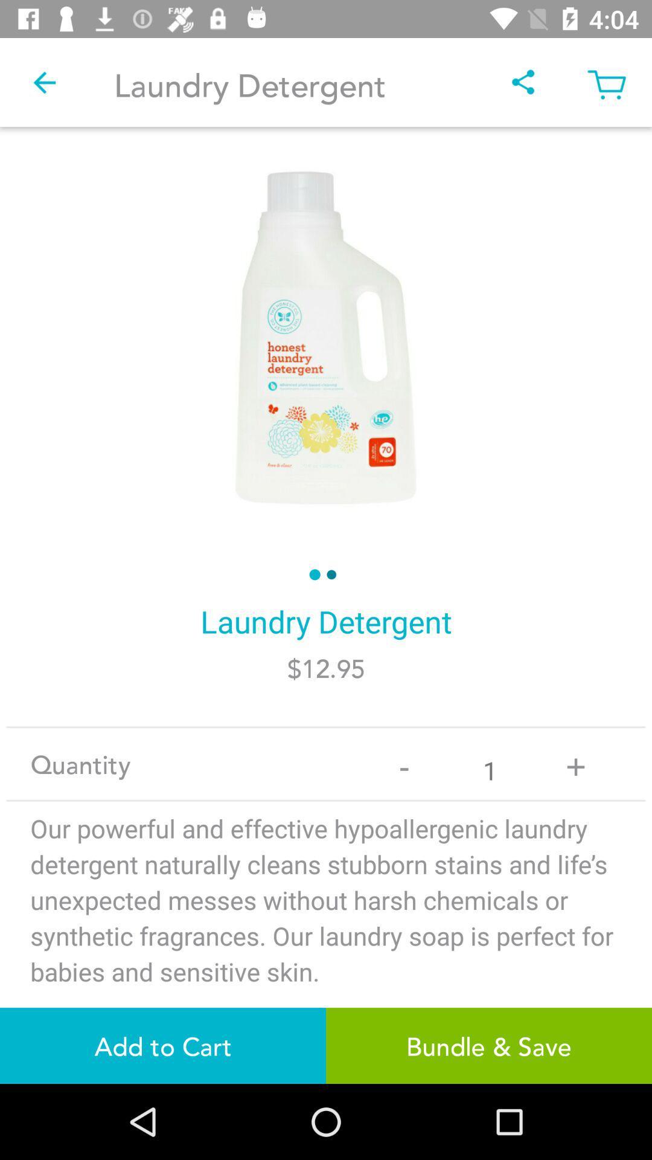 This screenshot has width=652, height=1160. I want to click on icon next to 1 app, so click(575, 763).